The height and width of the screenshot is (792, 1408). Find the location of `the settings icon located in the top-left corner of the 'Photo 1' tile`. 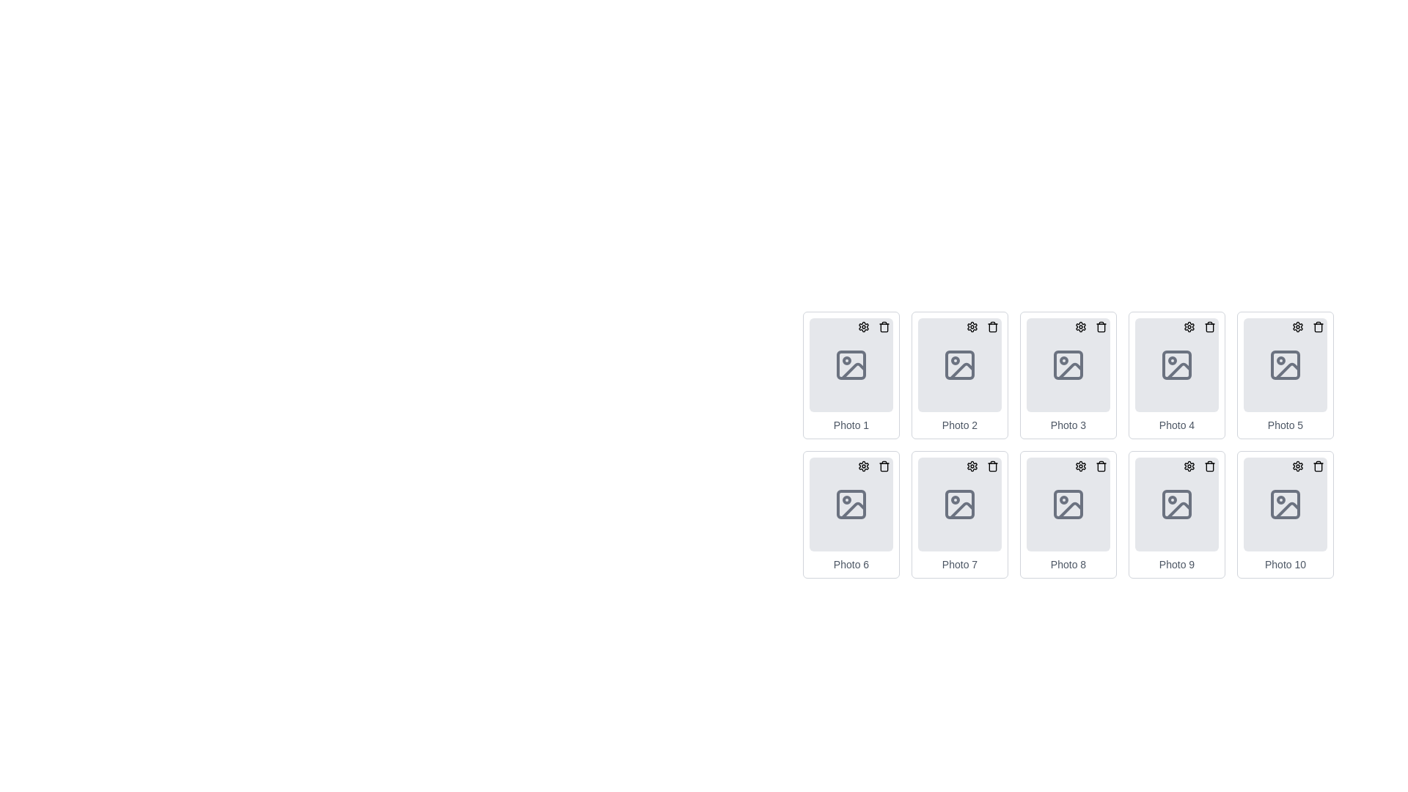

the settings icon located in the top-left corner of the 'Photo 1' tile is located at coordinates (863, 326).